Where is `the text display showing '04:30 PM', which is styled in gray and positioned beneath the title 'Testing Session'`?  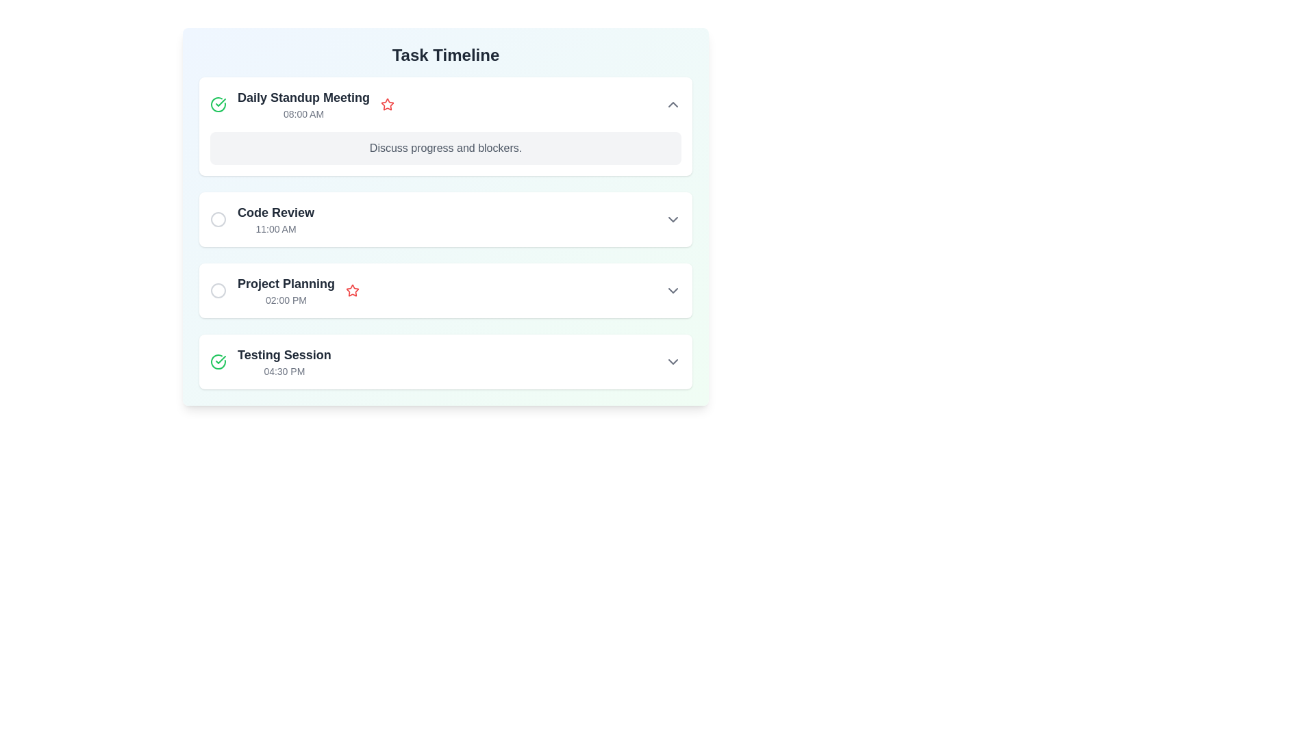 the text display showing '04:30 PM', which is styled in gray and positioned beneath the title 'Testing Session' is located at coordinates (284, 372).